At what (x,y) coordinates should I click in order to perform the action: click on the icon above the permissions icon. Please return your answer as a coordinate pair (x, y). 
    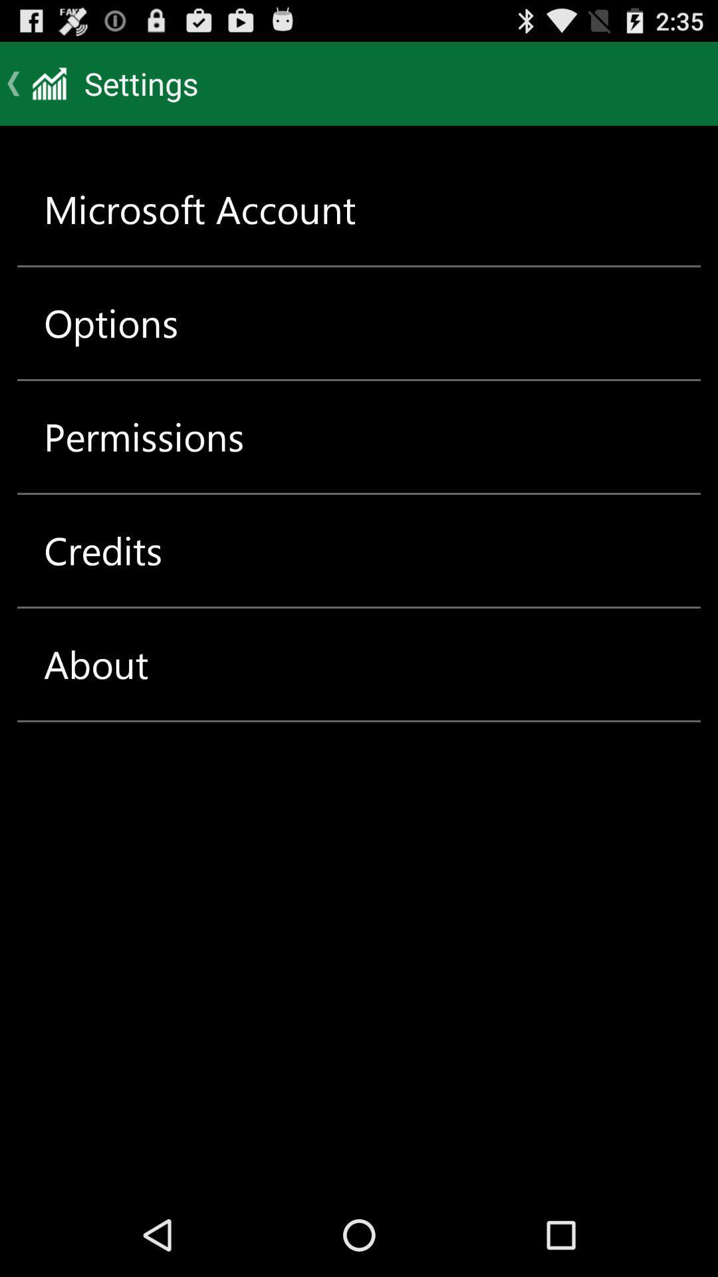
    Looking at the image, I should click on (110, 323).